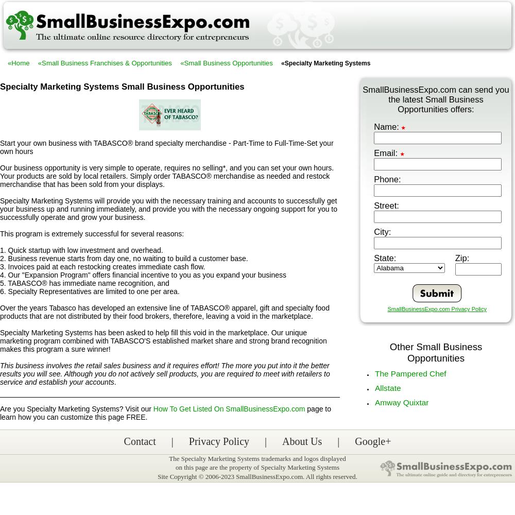 The image size is (515, 515). I want to click on '«Home', so click(19, 62).